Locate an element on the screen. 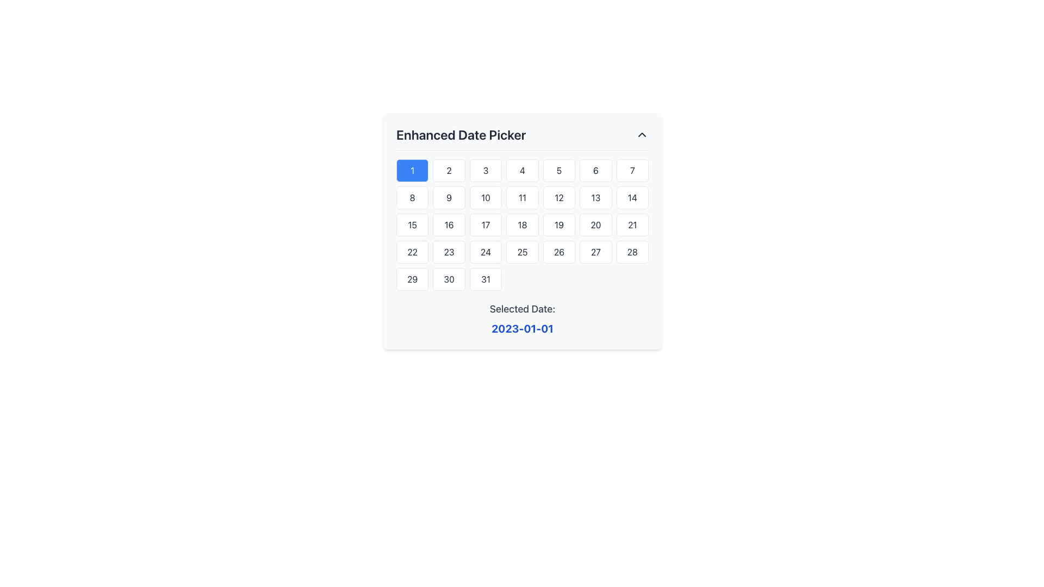 The image size is (1044, 587). the date selection button labeled '5' in the date-picker interface to change its appearance is located at coordinates (559, 170).